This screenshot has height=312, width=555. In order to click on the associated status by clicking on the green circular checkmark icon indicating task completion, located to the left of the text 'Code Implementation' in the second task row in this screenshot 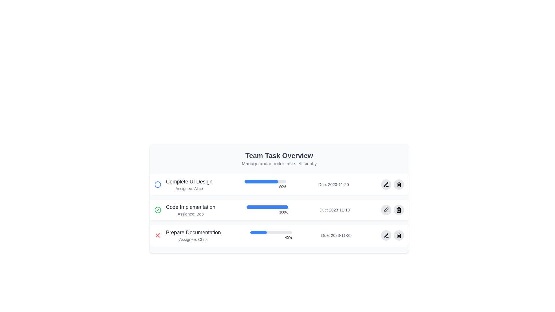, I will do `click(158, 210)`.